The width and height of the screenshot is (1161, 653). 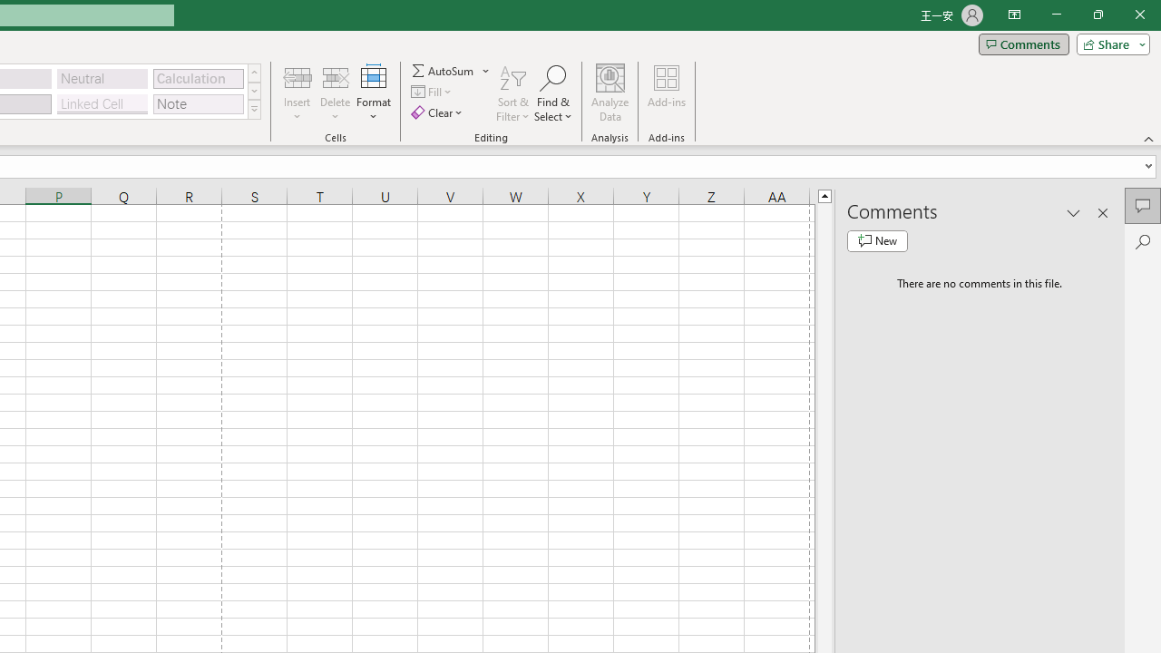 What do you see at coordinates (253, 109) in the screenshot?
I see `'Cell Styles'` at bounding box center [253, 109].